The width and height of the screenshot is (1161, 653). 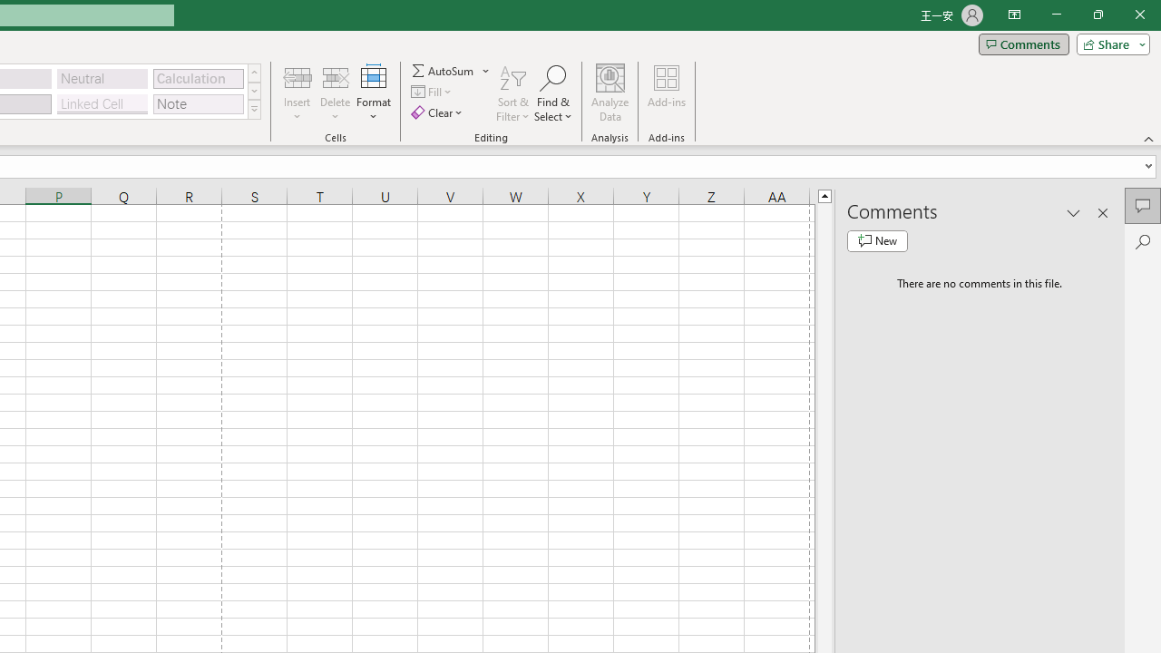 What do you see at coordinates (253, 109) in the screenshot?
I see `'Cell Styles'` at bounding box center [253, 109].